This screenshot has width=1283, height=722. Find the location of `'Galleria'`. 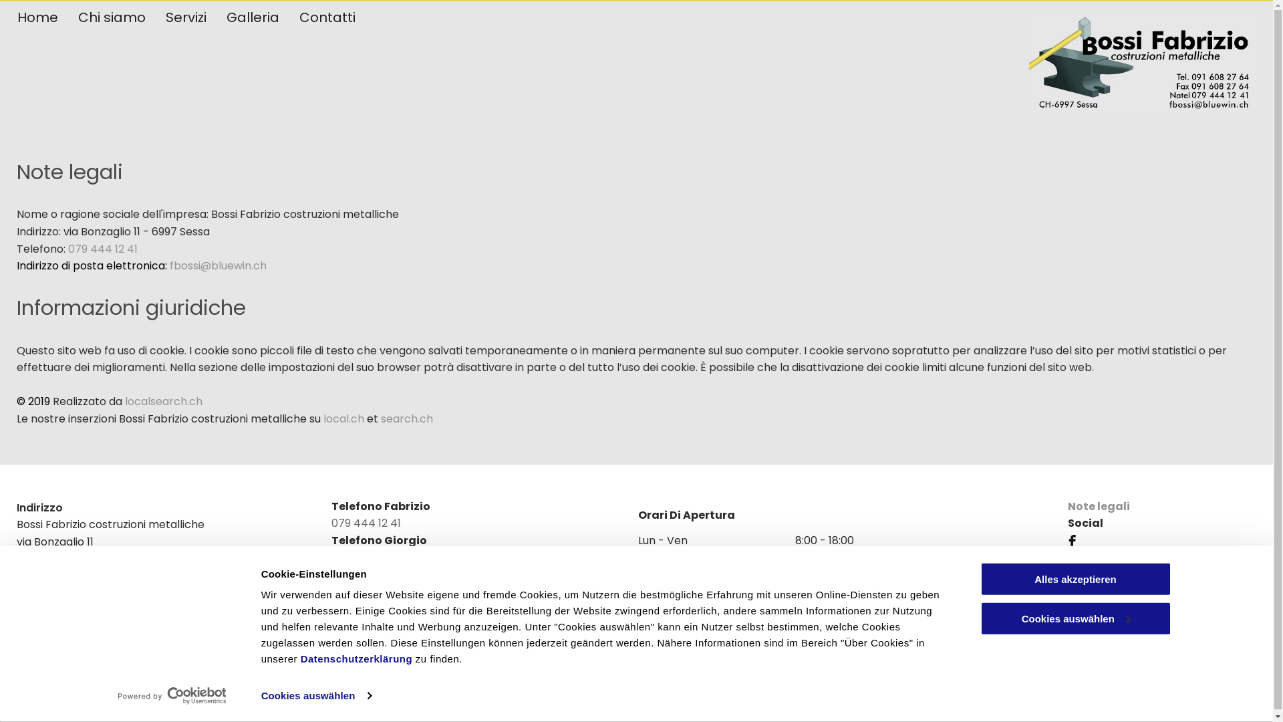

'Galleria' is located at coordinates (253, 16).